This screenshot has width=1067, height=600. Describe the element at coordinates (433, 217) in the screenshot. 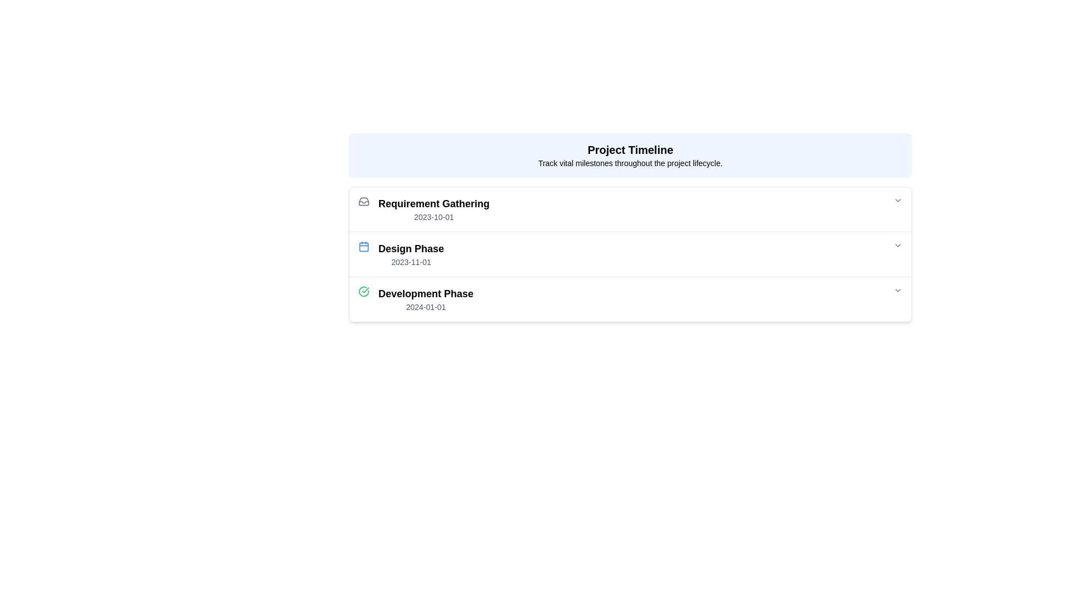

I see `the static text label displaying the date '2023-10-01', which is located below the bold text 'Requirement Gathering' in the project phases list` at that location.